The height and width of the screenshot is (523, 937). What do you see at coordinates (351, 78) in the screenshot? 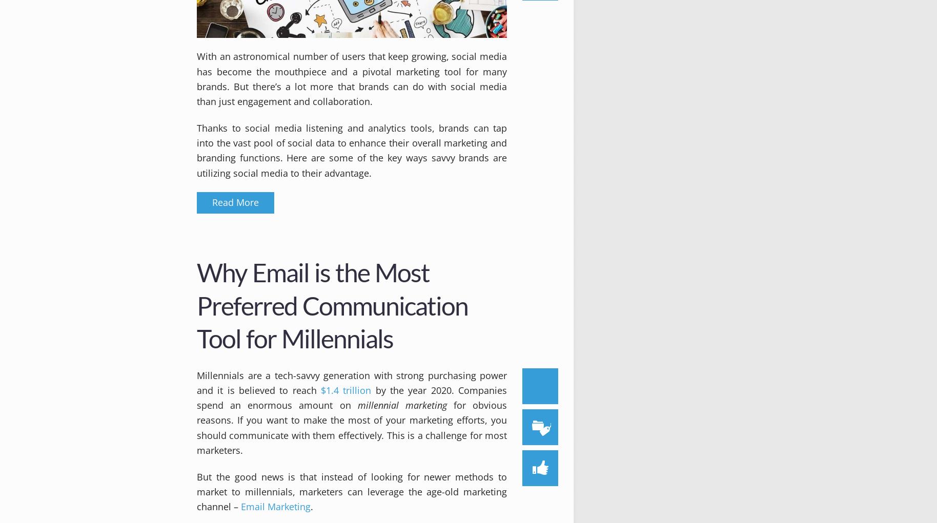
I see `'With an astronomical number of users that keep growing, social media has become the mouthpiece and a pivotal marketing tool for many brands. But there’s a lot more that brands can do with social media than just engagement and collaboration.'` at bounding box center [351, 78].